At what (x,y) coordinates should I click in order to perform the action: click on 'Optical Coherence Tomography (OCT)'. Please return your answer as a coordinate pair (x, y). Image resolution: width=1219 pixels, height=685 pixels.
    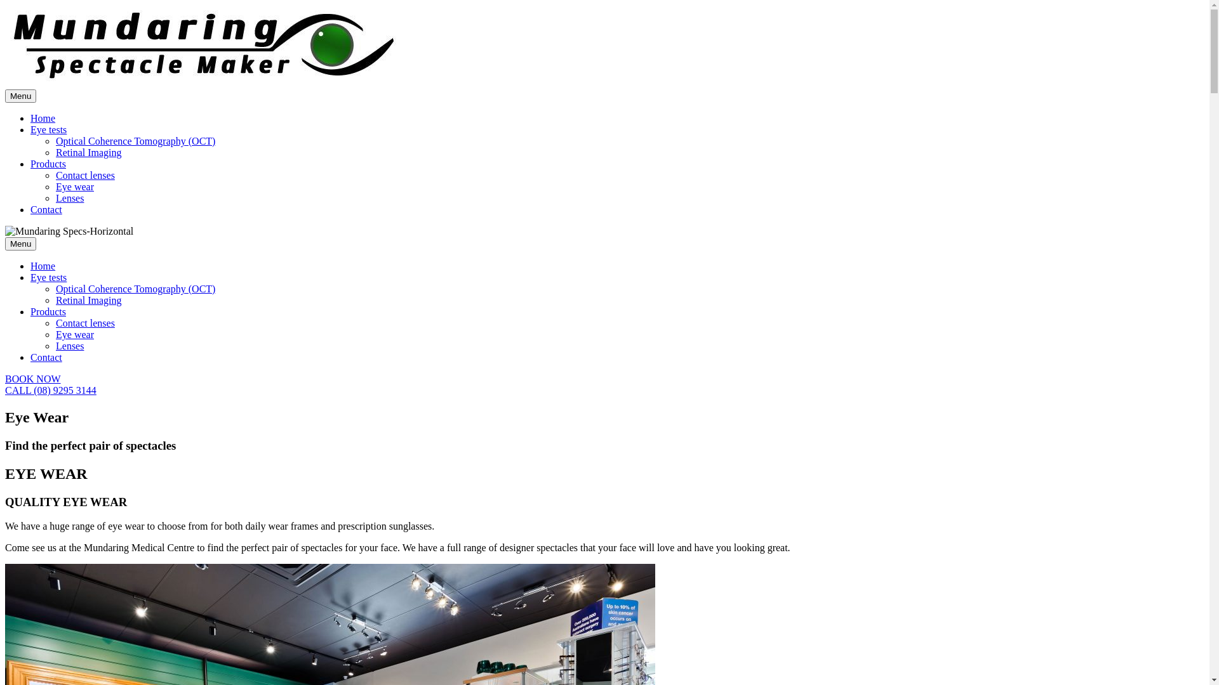
    Looking at the image, I should click on (135, 289).